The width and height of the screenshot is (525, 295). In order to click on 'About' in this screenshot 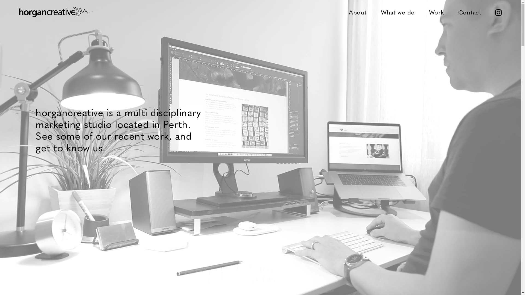, I will do `click(358, 12)`.